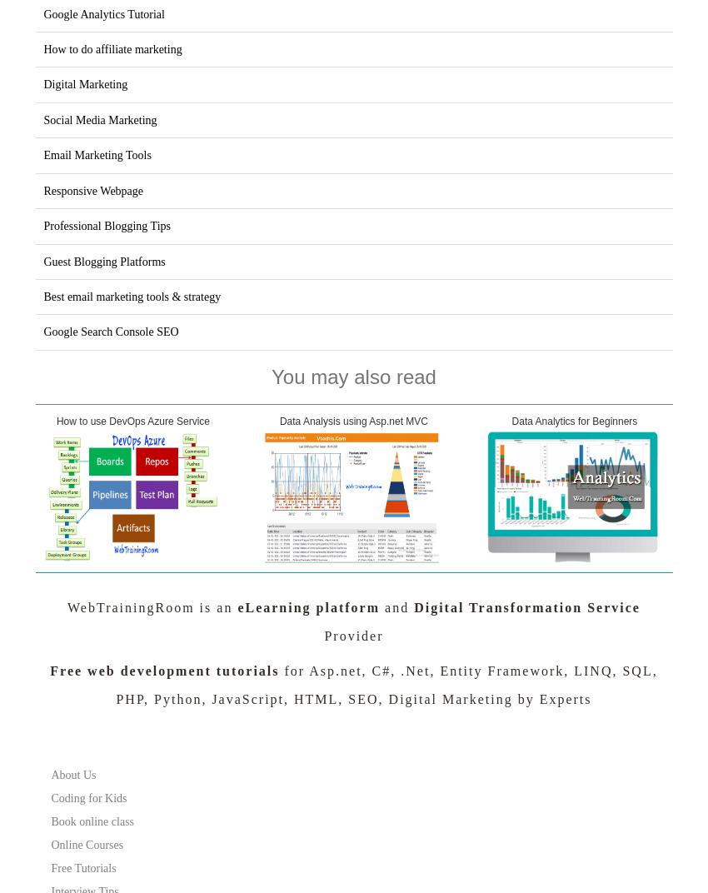 This screenshot has width=708, height=893. I want to click on 'for Asp.net, C#, .Net, Entity Framework, LINQ, SQL, PHP, Python, JavaScript, HTML, SEO, Digital Marketing by Experts', so click(386, 684).